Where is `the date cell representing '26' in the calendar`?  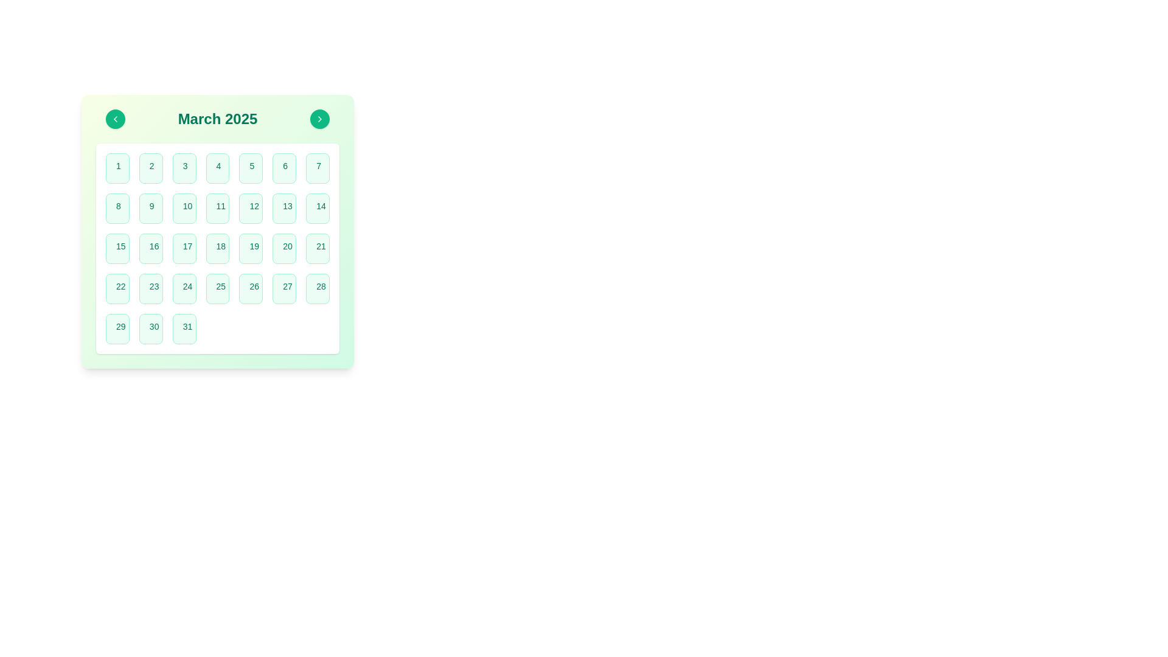
the date cell representing '26' in the calendar is located at coordinates (250, 288).